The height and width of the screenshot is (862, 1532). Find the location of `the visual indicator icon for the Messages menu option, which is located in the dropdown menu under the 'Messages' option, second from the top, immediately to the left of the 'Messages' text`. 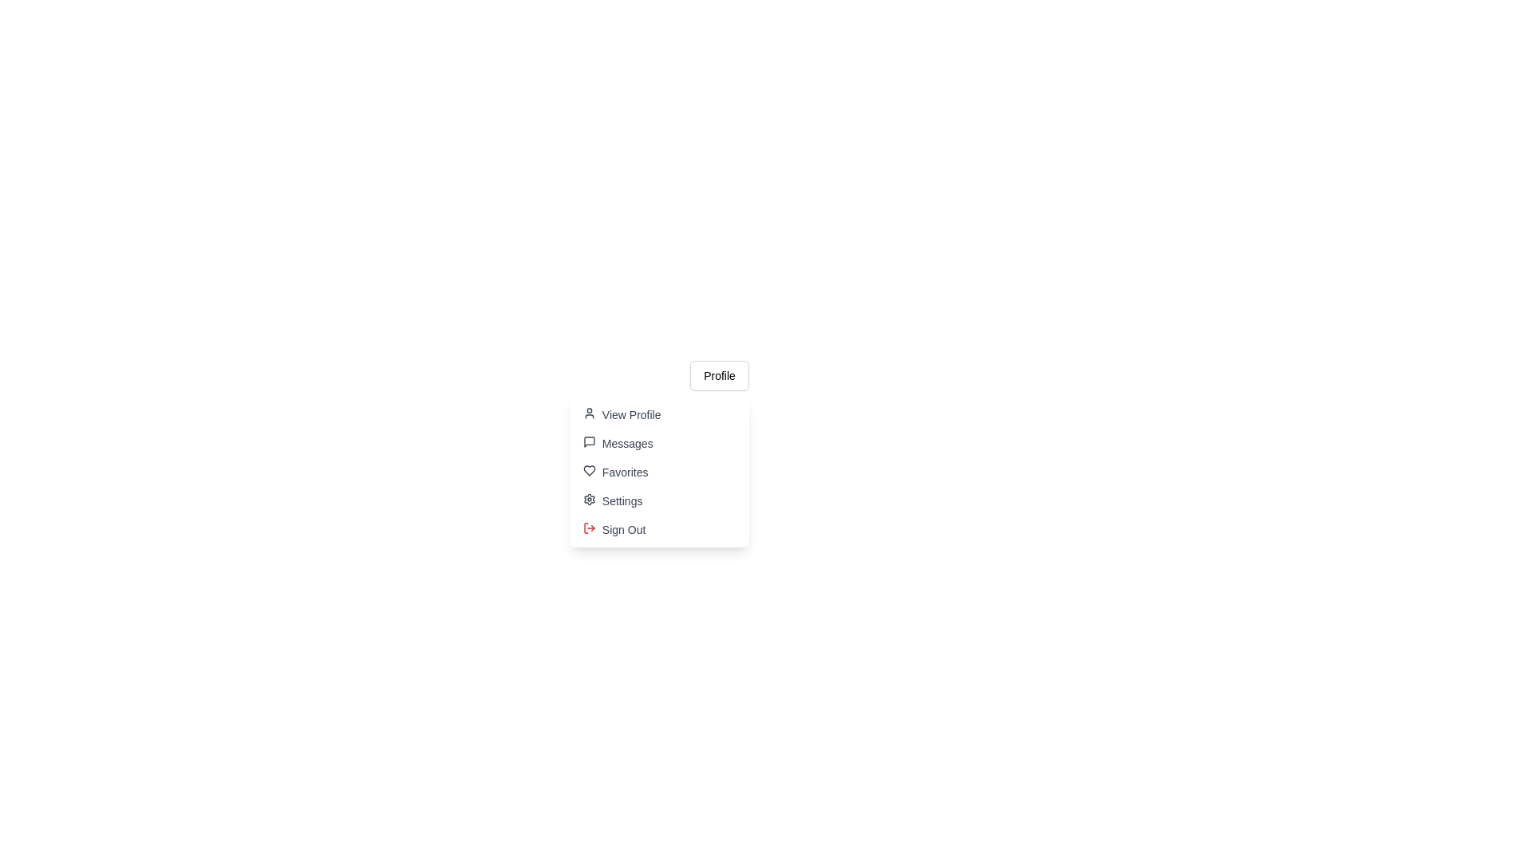

the visual indicator icon for the Messages menu option, which is located in the dropdown menu under the 'Messages' option, second from the top, immediately to the left of the 'Messages' text is located at coordinates (588, 442).